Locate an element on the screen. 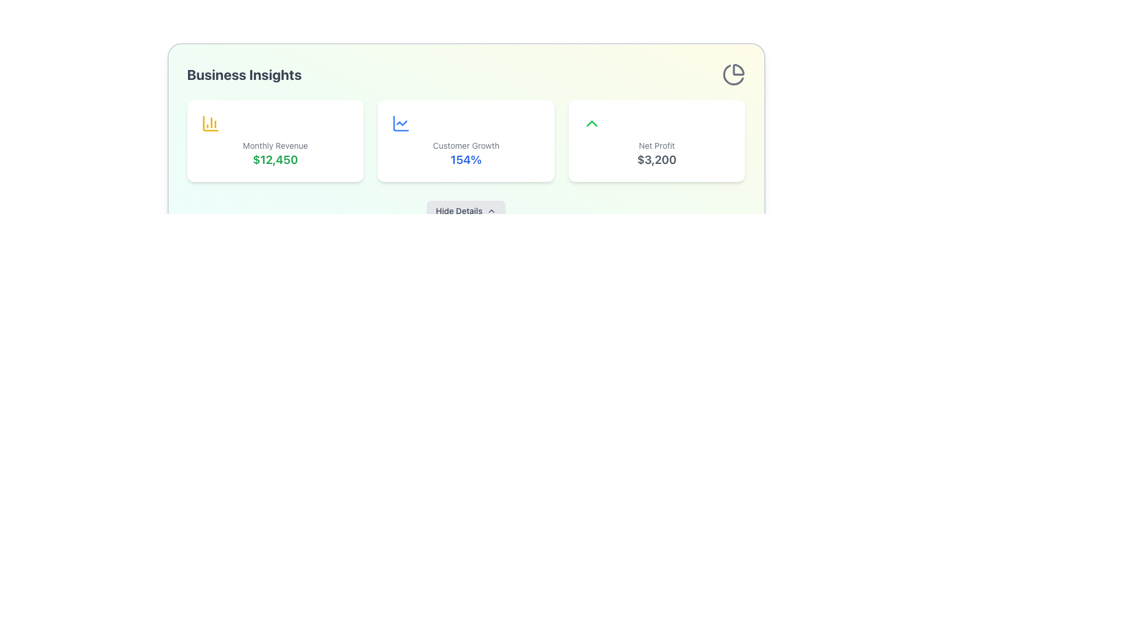  the Text Label located at the top of the rightmost card, which describes the monetary value displayed below it ('$3,200') is located at coordinates (657, 145).